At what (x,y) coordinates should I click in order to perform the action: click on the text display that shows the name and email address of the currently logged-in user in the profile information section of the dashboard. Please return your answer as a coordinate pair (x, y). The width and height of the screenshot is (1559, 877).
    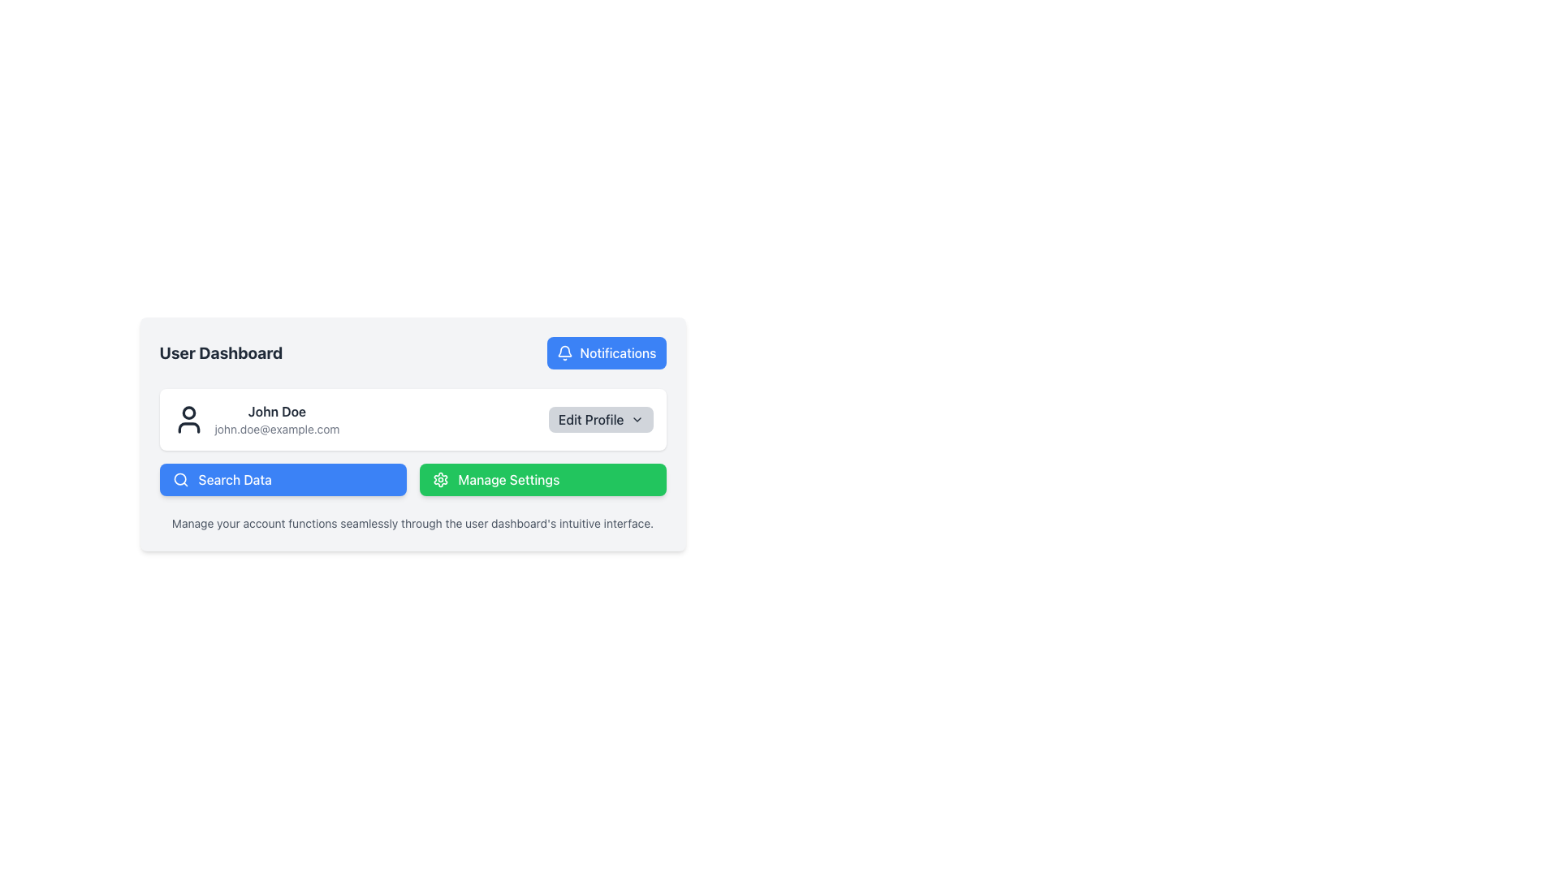
    Looking at the image, I should click on (277, 418).